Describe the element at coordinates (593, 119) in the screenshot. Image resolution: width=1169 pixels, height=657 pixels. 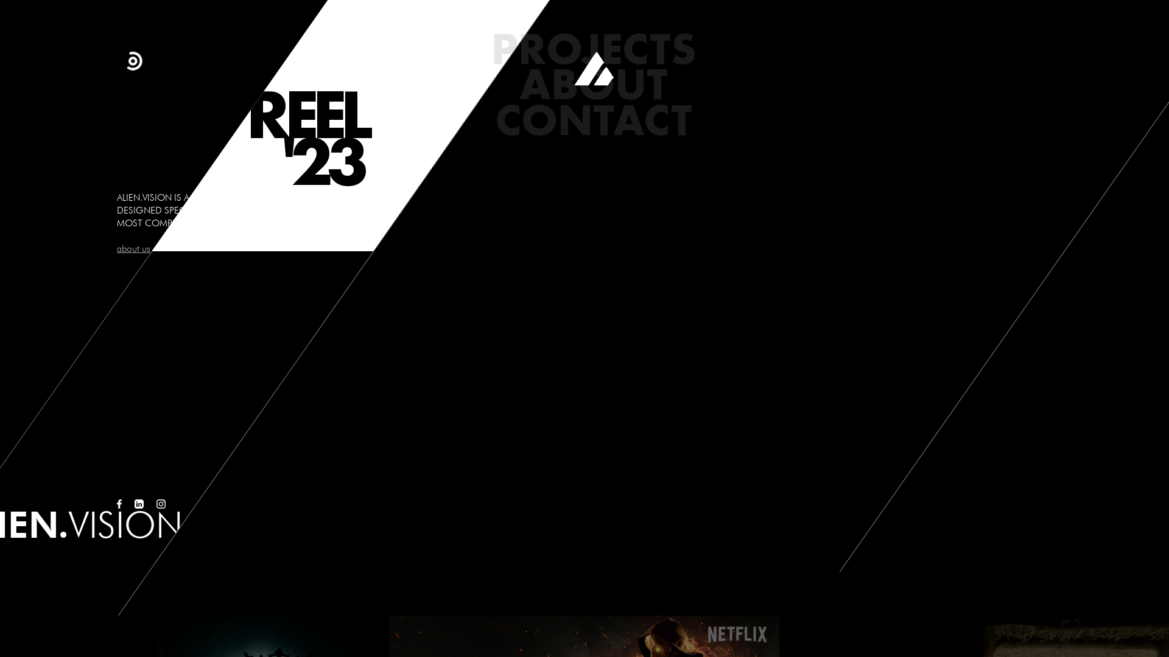
I see `'CONTACT'` at that location.